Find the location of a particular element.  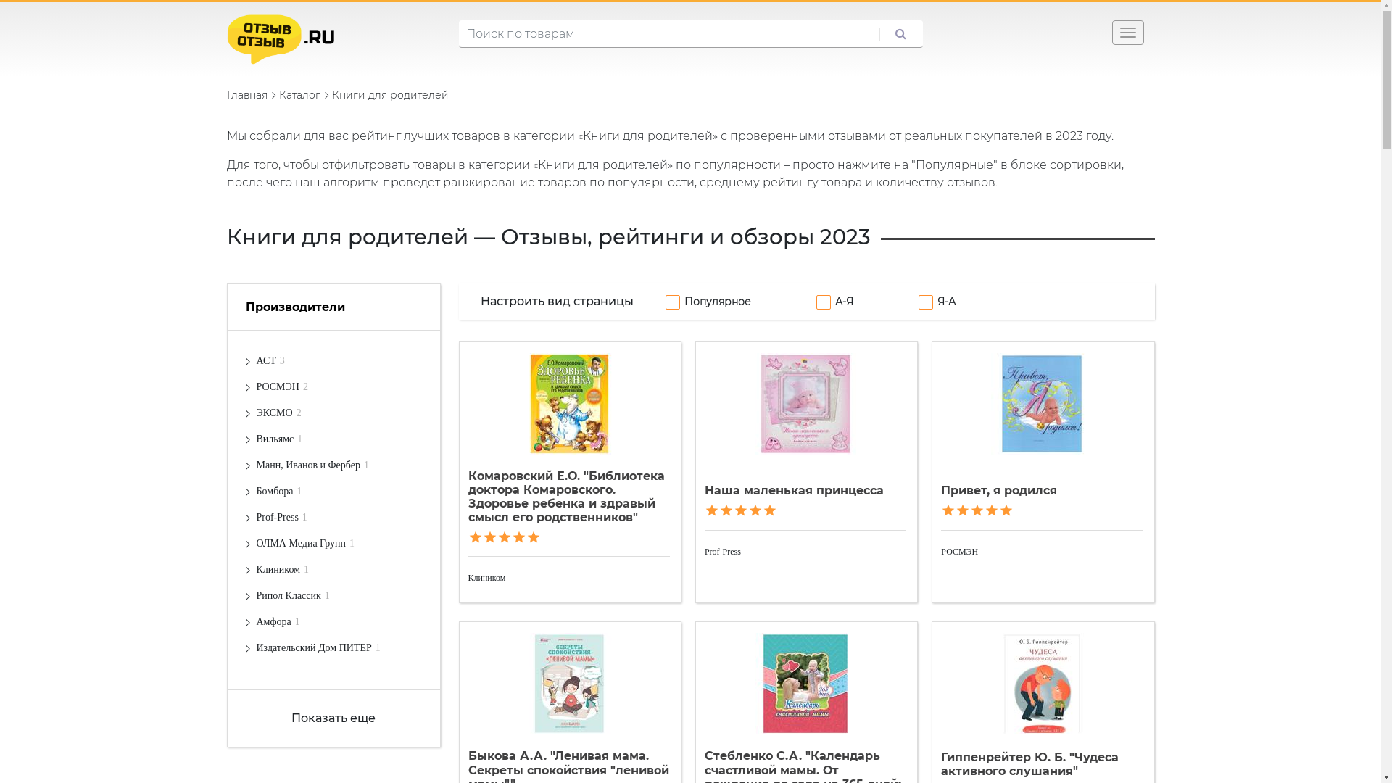

'Prof-Press1' is located at coordinates (281, 516).